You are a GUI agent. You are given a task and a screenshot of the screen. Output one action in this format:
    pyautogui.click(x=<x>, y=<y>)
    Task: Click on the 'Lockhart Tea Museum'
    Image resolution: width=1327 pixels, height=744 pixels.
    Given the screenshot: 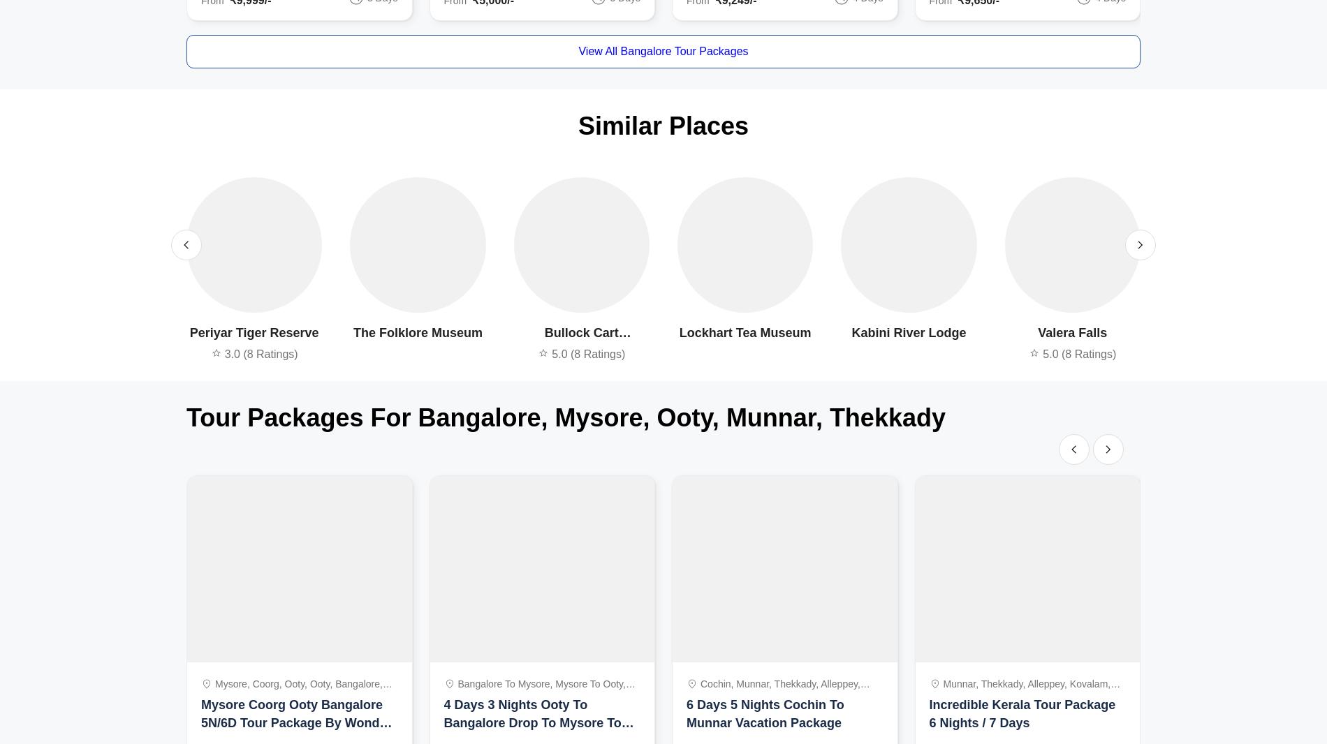 What is the action you would take?
    pyautogui.click(x=745, y=333)
    